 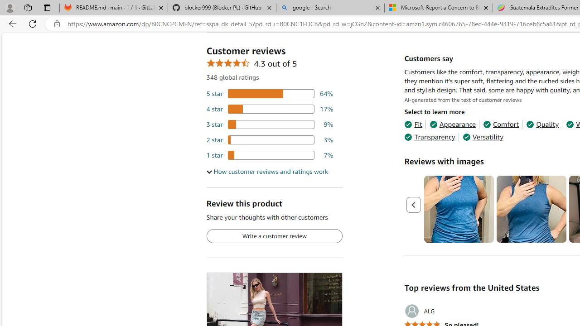 What do you see at coordinates (413, 205) in the screenshot?
I see `'Previous page'` at bounding box center [413, 205].